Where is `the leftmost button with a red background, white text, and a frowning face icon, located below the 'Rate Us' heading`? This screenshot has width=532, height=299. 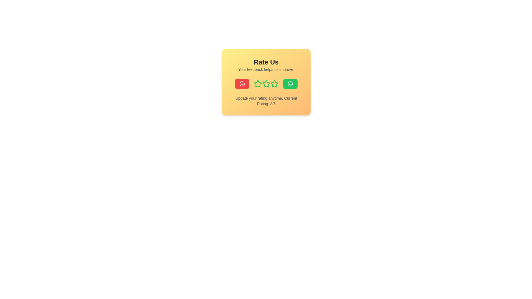 the leftmost button with a red background, white text, and a frowning face icon, located below the 'Rate Us' heading is located at coordinates (242, 84).